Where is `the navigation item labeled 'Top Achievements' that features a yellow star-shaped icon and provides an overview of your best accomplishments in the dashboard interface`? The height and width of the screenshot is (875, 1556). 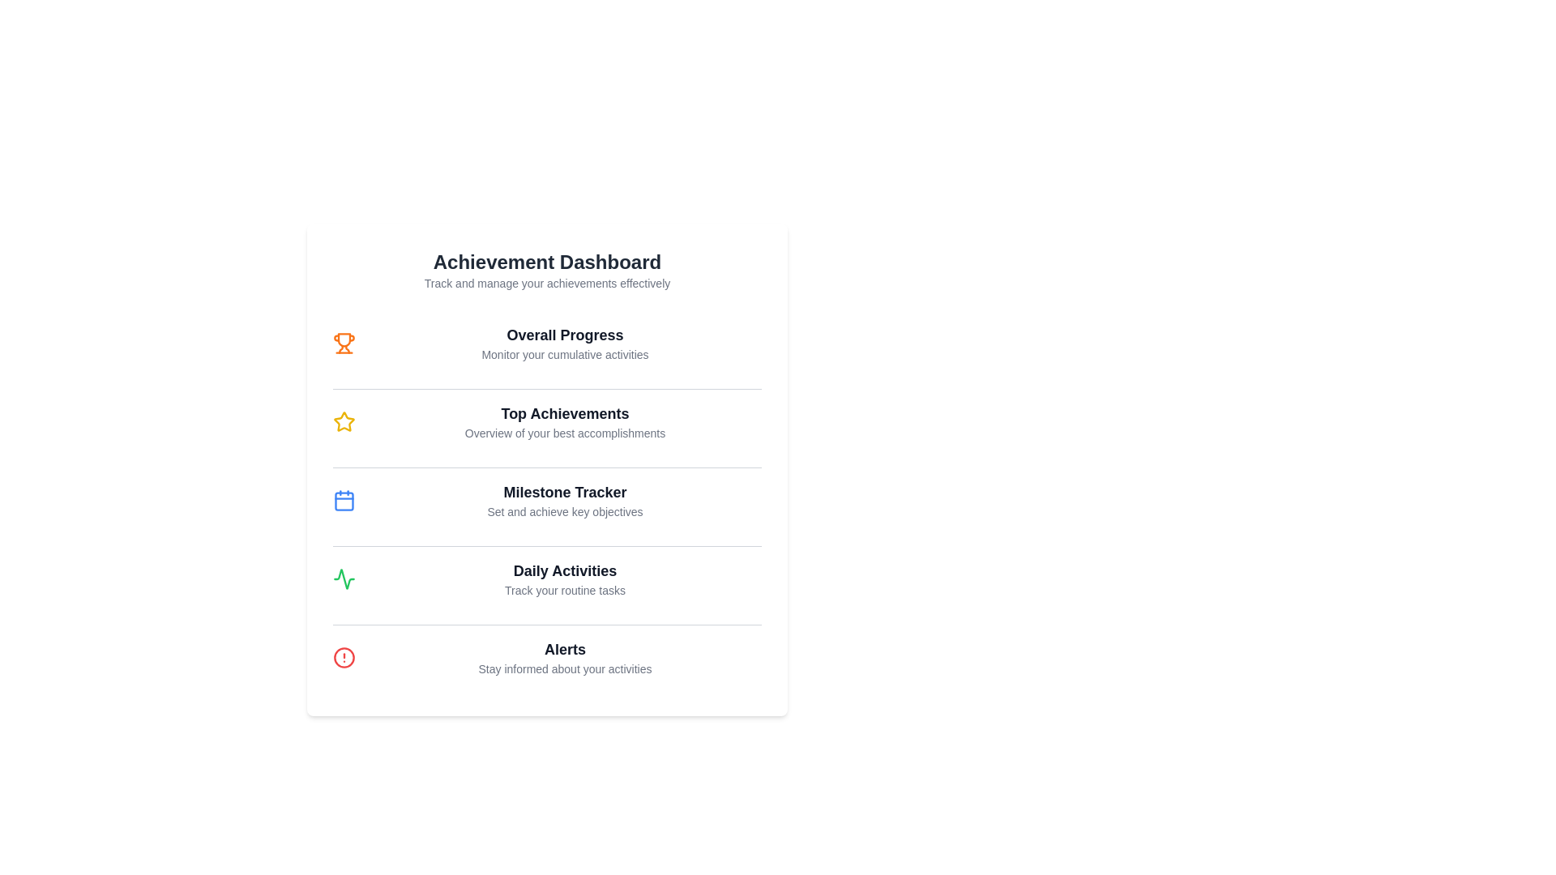
the navigation item labeled 'Top Achievements' that features a yellow star-shaped icon and provides an overview of your best accomplishments in the dashboard interface is located at coordinates (547, 420).